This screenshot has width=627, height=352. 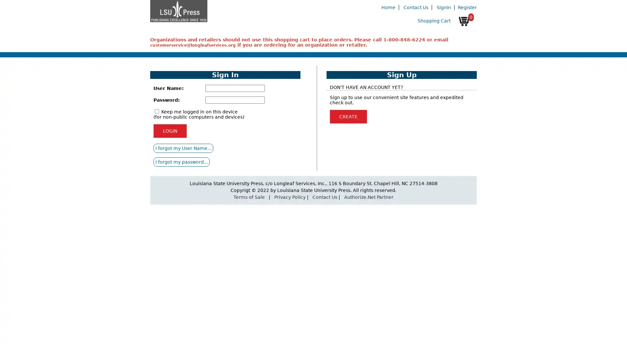 I want to click on LOGIN, so click(x=170, y=131).